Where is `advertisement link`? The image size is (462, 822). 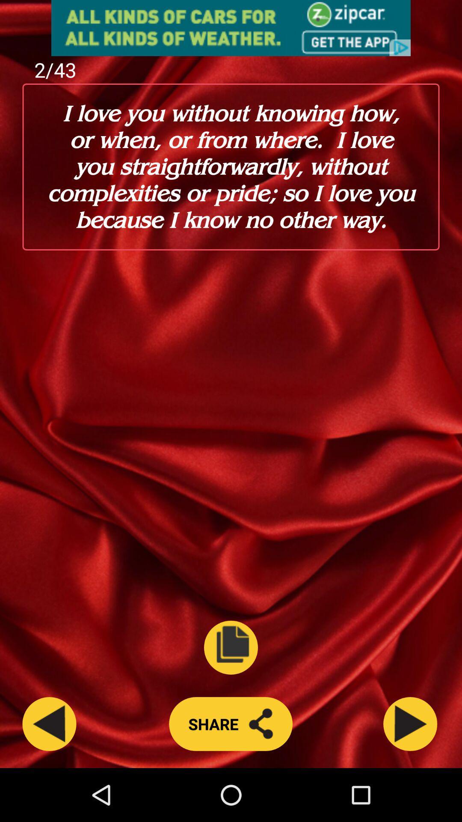
advertisement link is located at coordinates (231, 28).